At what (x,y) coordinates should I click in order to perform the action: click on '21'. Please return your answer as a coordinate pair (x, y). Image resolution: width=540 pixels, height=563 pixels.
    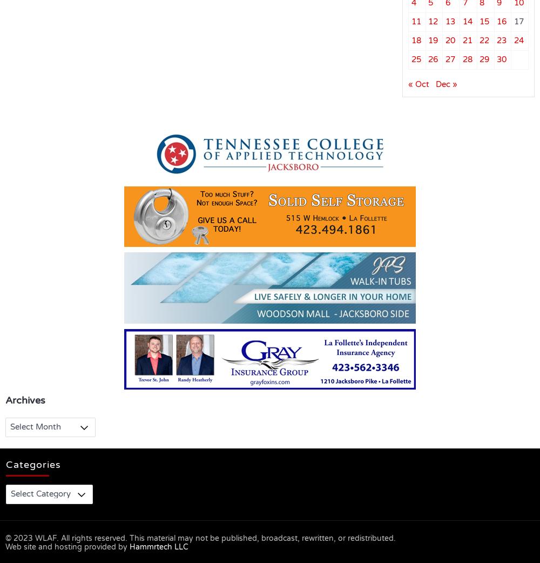
    Looking at the image, I should click on (467, 40).